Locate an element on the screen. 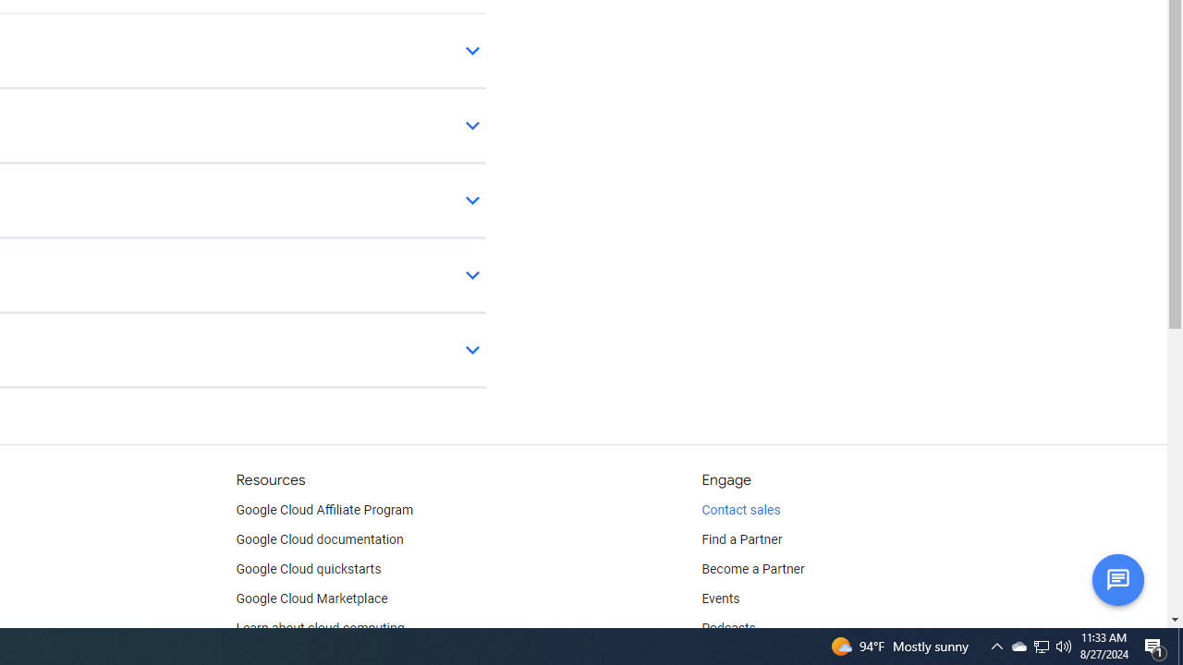 Image resolution: width=1183 pixels, height=665 pixels. 'Google Cloud Marketplace' is located at coordinates (311, 599).